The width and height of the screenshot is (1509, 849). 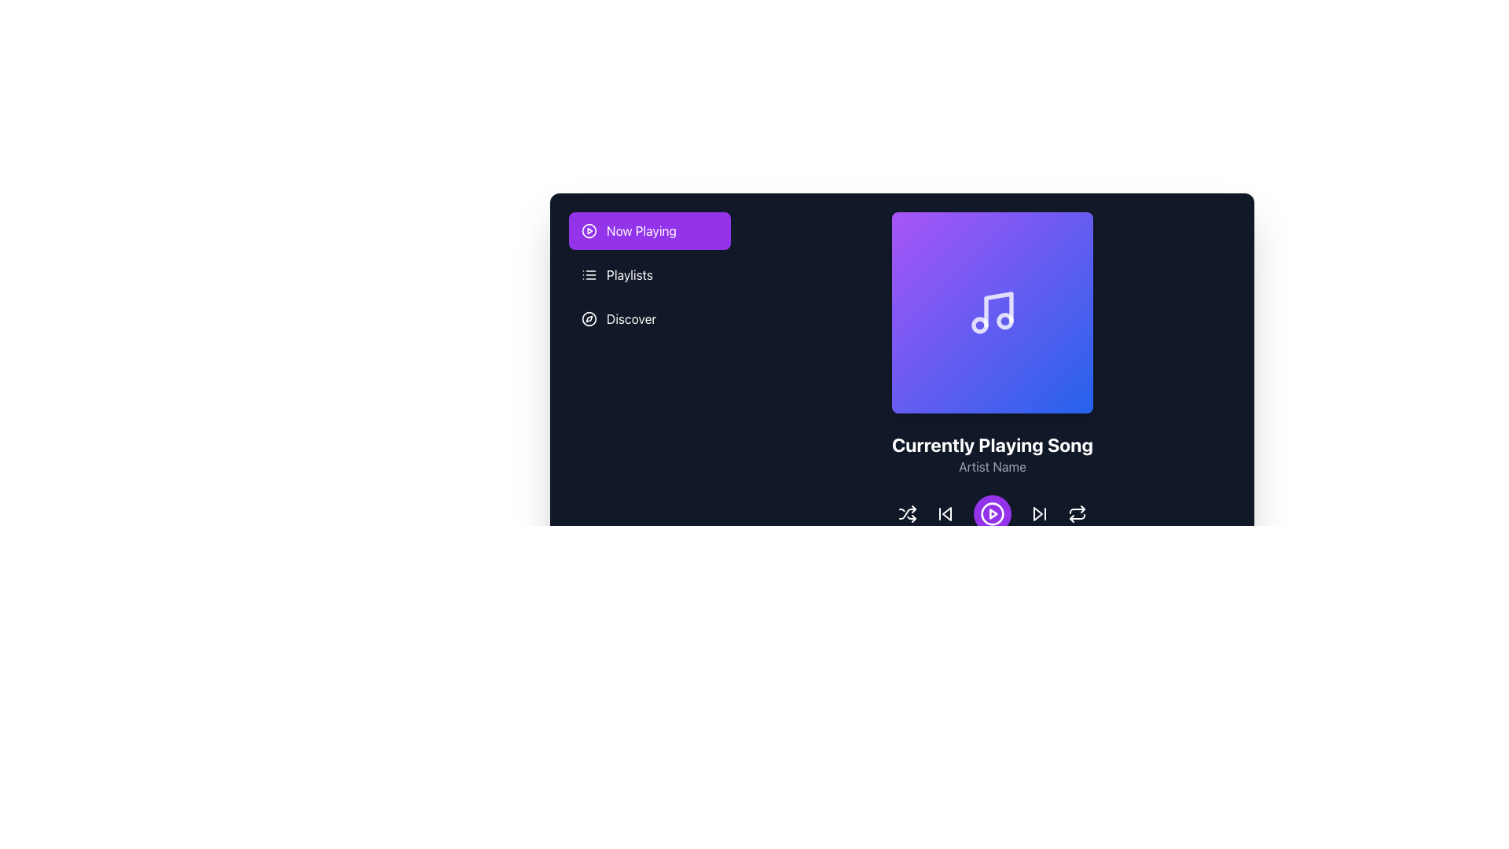 I want to click on the text label displaying the name of the artist associated with the currently playing song, which is located below the 'Currently Playing Song' text, so click(x=991, y=466).